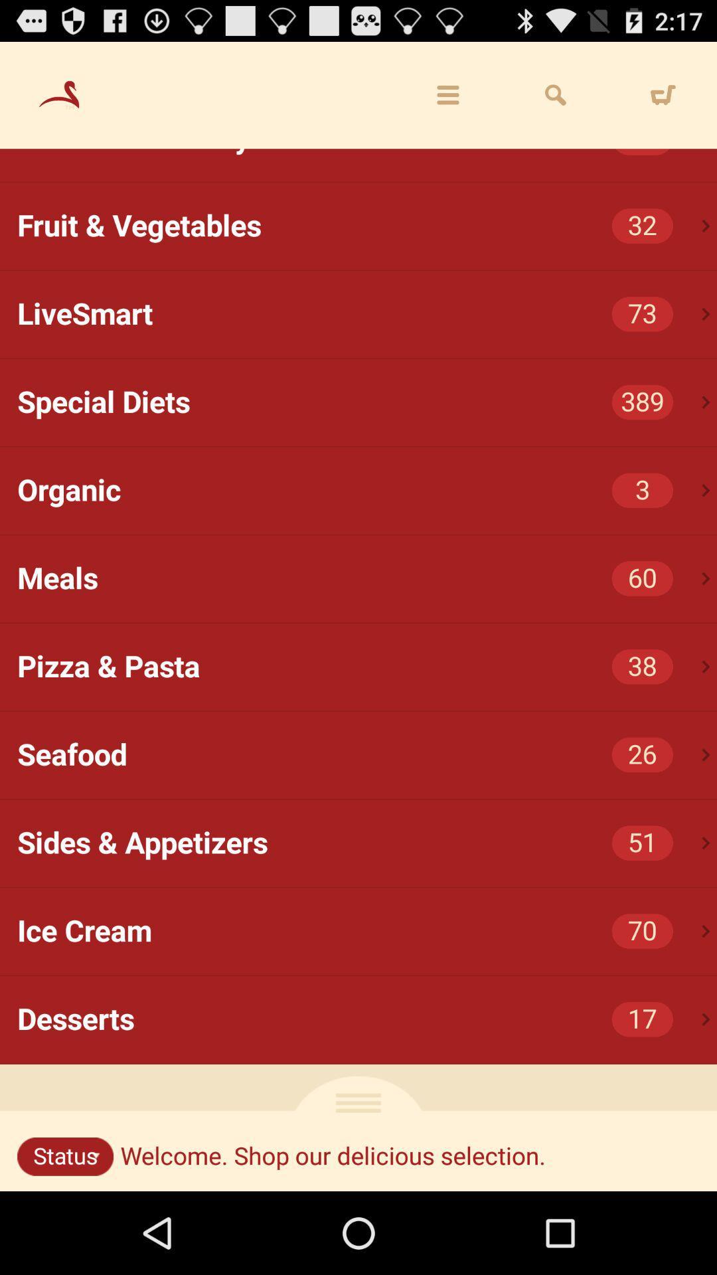 Image resolution: width=717 pixels, height=1275 pixels. Describe the element at coordinates (641, 755) in the screenshot. I see `the 26 item` at that location.